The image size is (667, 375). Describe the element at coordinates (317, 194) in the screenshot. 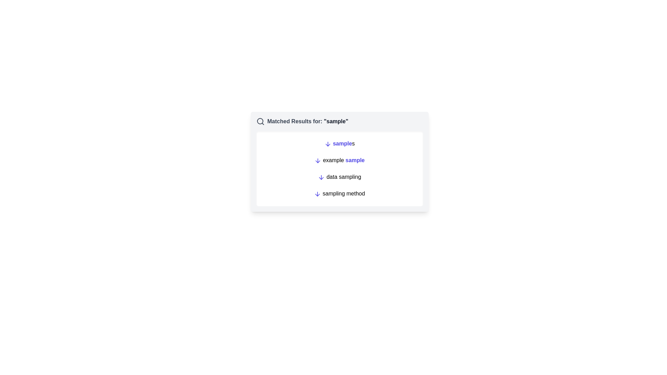

I see `the icon located to the left of the 'sampling method' text` at that location.